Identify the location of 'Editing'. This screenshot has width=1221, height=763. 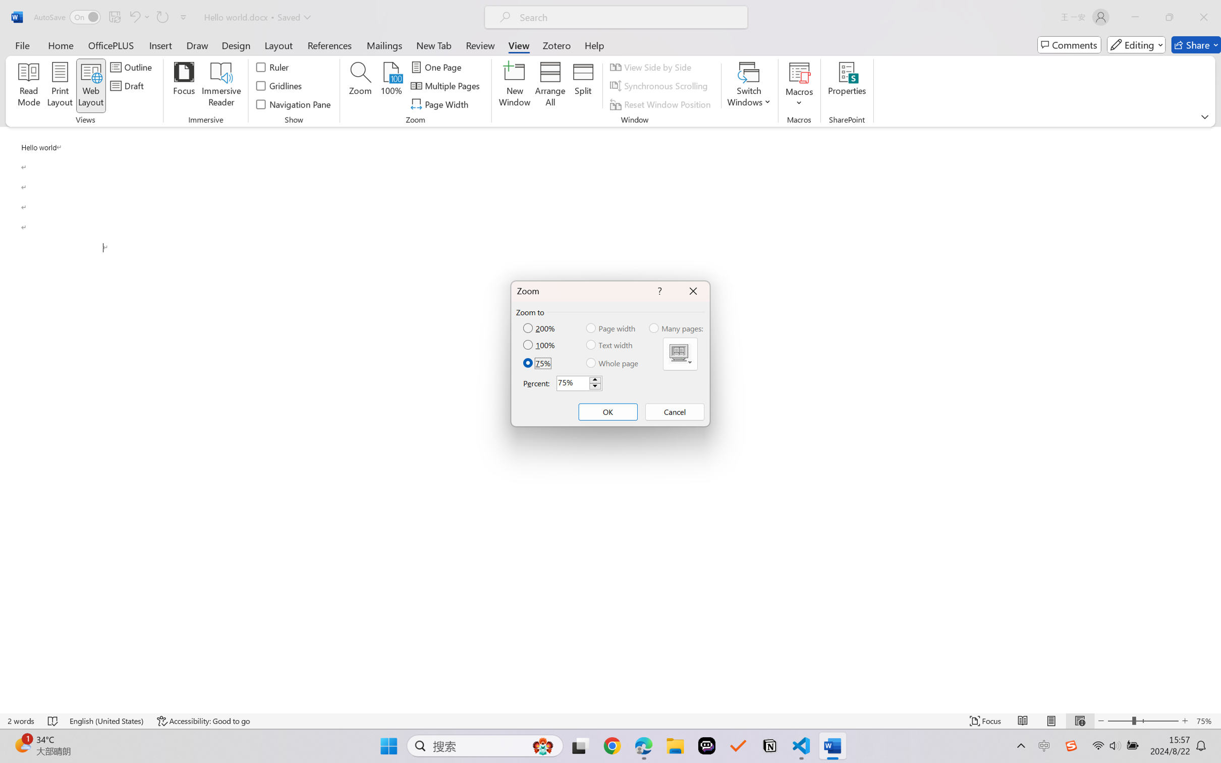
(1137, 44).